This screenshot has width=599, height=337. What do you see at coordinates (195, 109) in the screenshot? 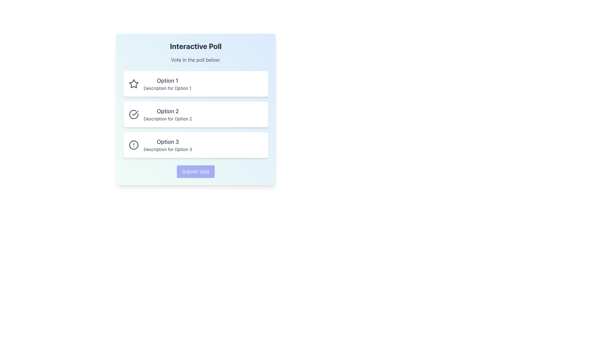
I see `the second selectable choice option in the poll` at bounding box center [195, 109].